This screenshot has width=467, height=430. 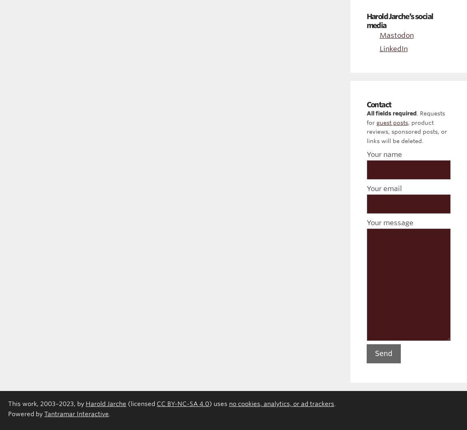 I want to click on 'Harold Jarche’s social media', so click(x=400, y=20).